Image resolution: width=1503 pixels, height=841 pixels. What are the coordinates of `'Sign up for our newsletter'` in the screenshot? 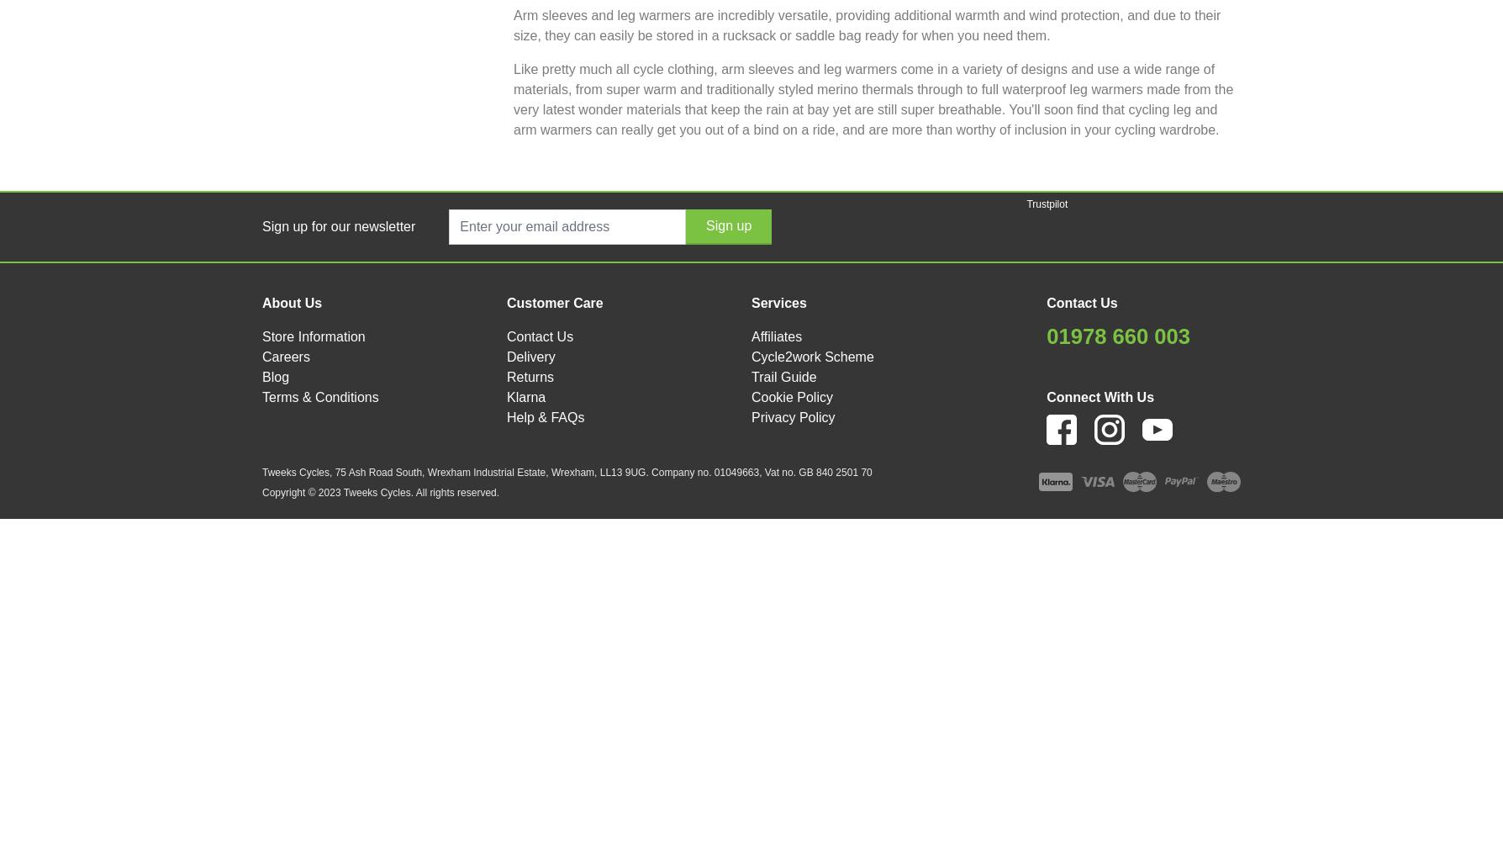 It's located at (261, 225).